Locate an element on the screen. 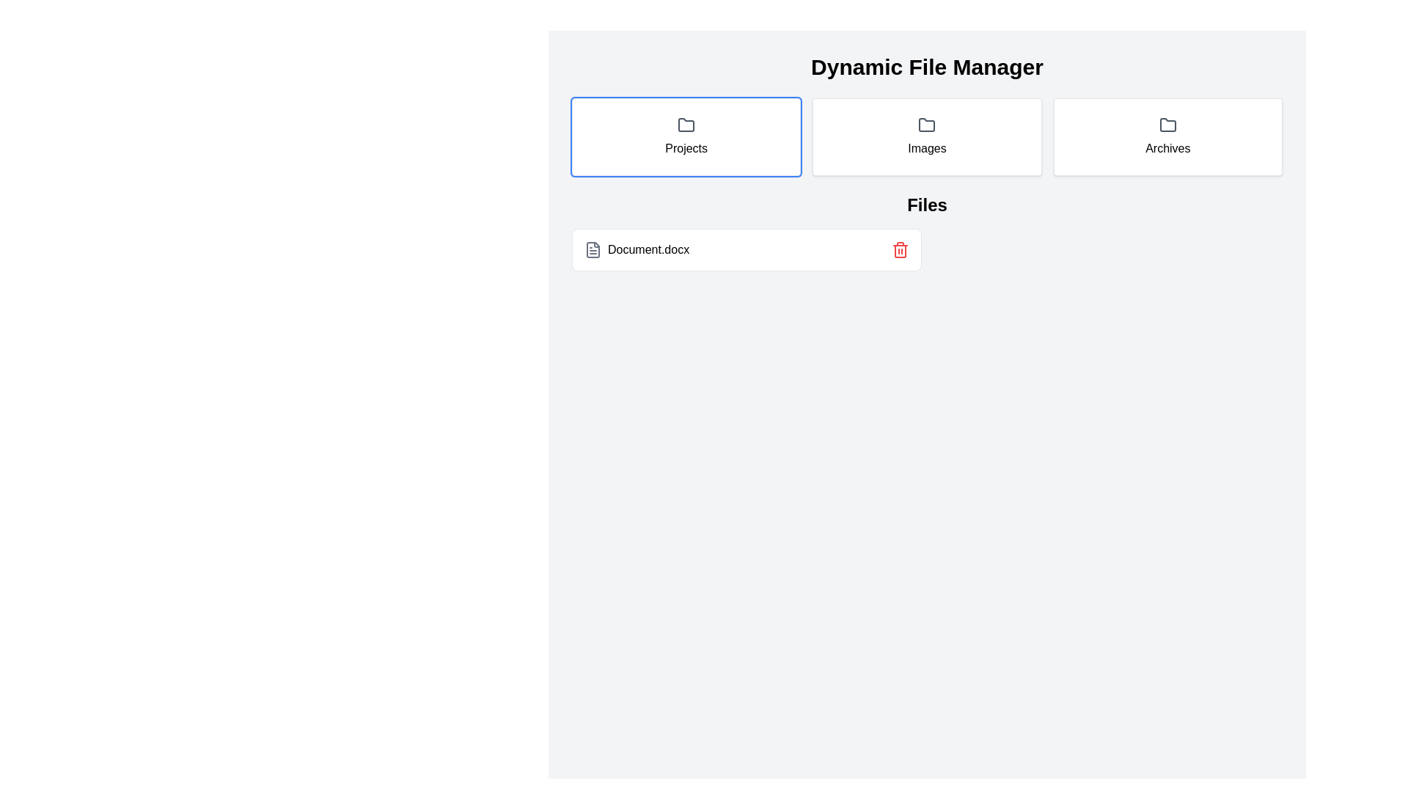 Image resolution: width=1408 pixels, height=792 pixels. the 'Archives' button, which is the rightmost button in a set of three horizontally aligned buttons labeled 'Projects', 'Images', and 'Archives' is located at coordinates (1167, 136).